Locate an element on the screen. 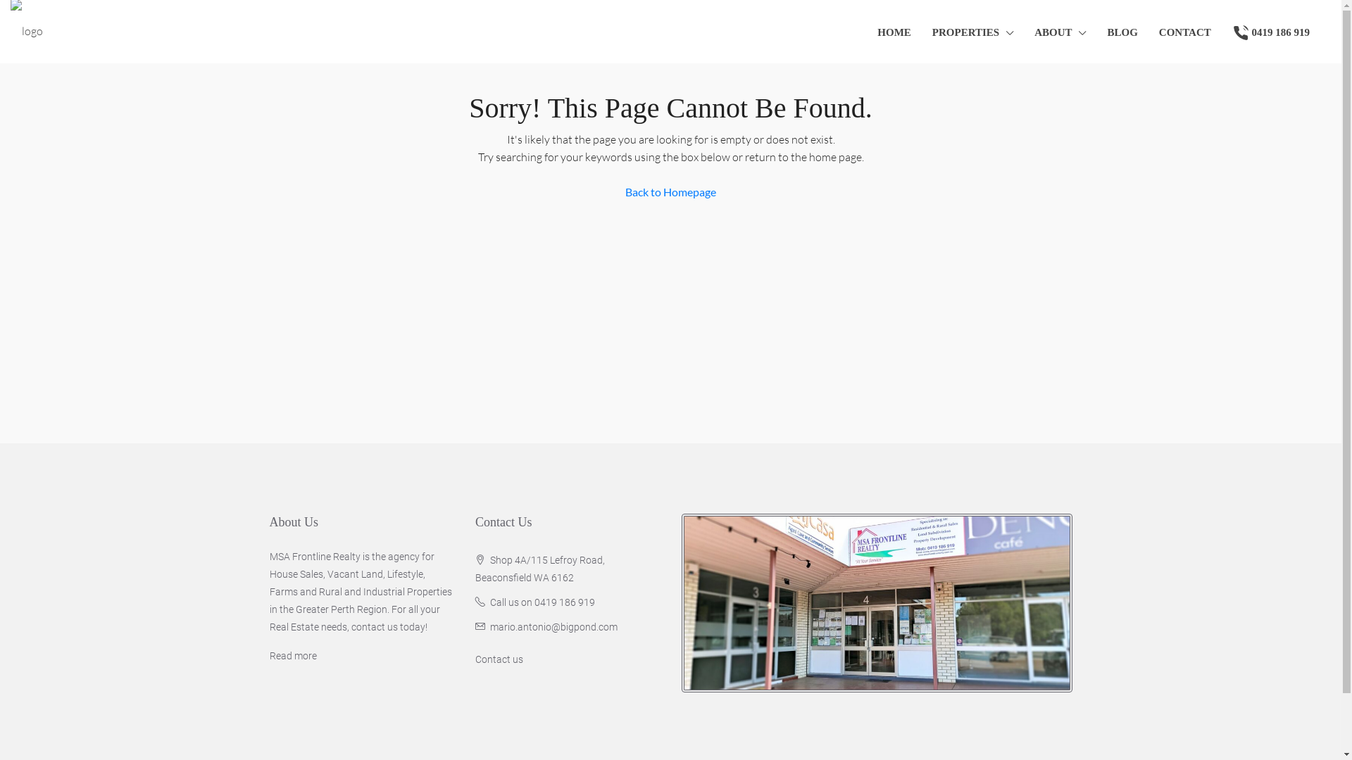  'mario.antonio@bigpond.com' is located at coordinates (553, 626).